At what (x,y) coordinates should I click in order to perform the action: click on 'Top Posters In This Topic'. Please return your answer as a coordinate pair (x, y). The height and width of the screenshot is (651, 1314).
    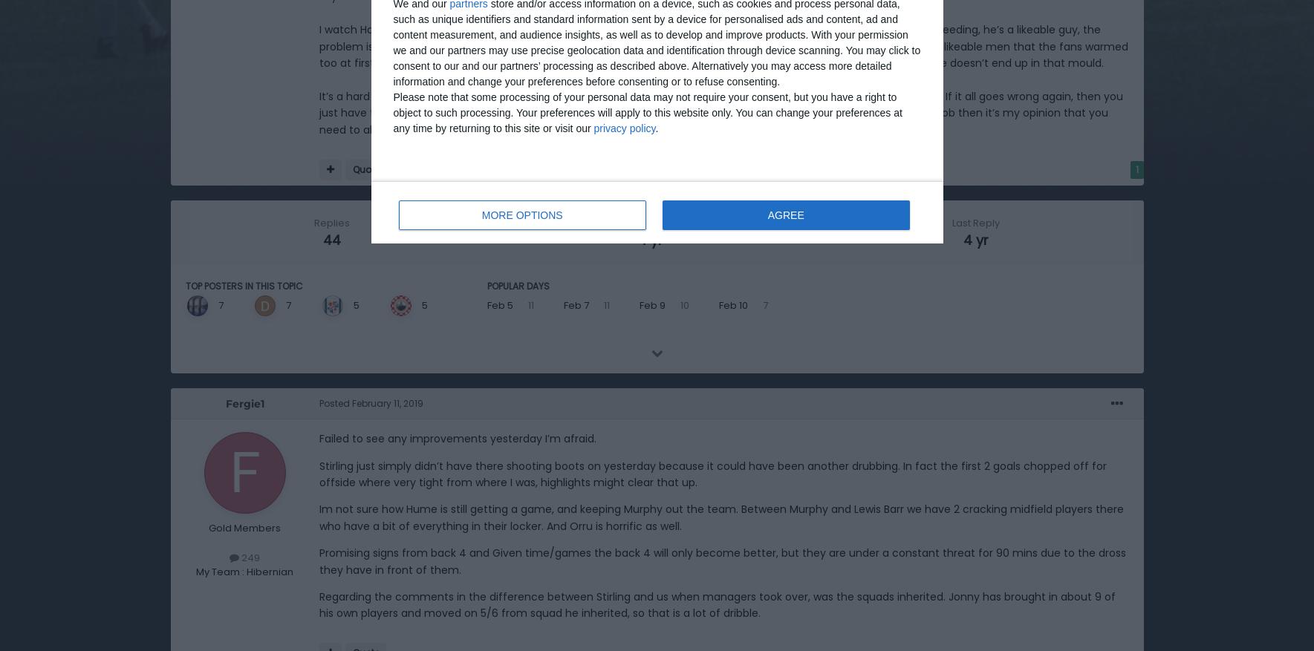
    Looking at the image, I should click on (243, 286).